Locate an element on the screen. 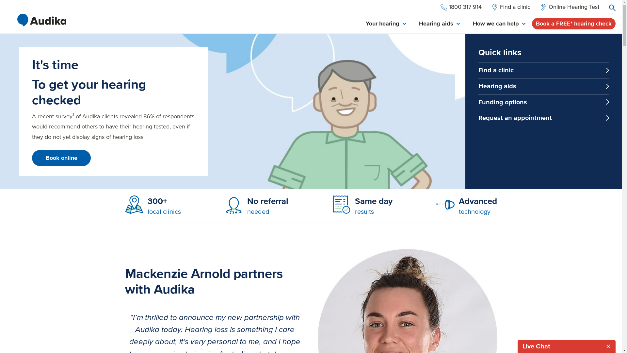 Image resolution: width=627 pixels, height=353 pixels. 'Hearing aids' is located at coordinates (439, 24).